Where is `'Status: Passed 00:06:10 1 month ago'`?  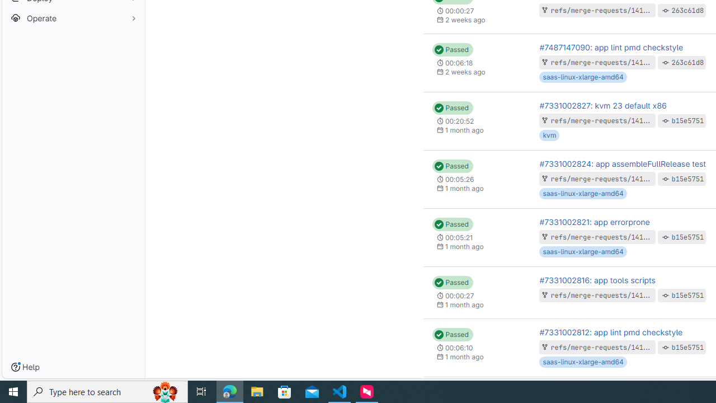 'Status: Passed 00:06:10 1 month ago' is located at coordinates (477, 347).